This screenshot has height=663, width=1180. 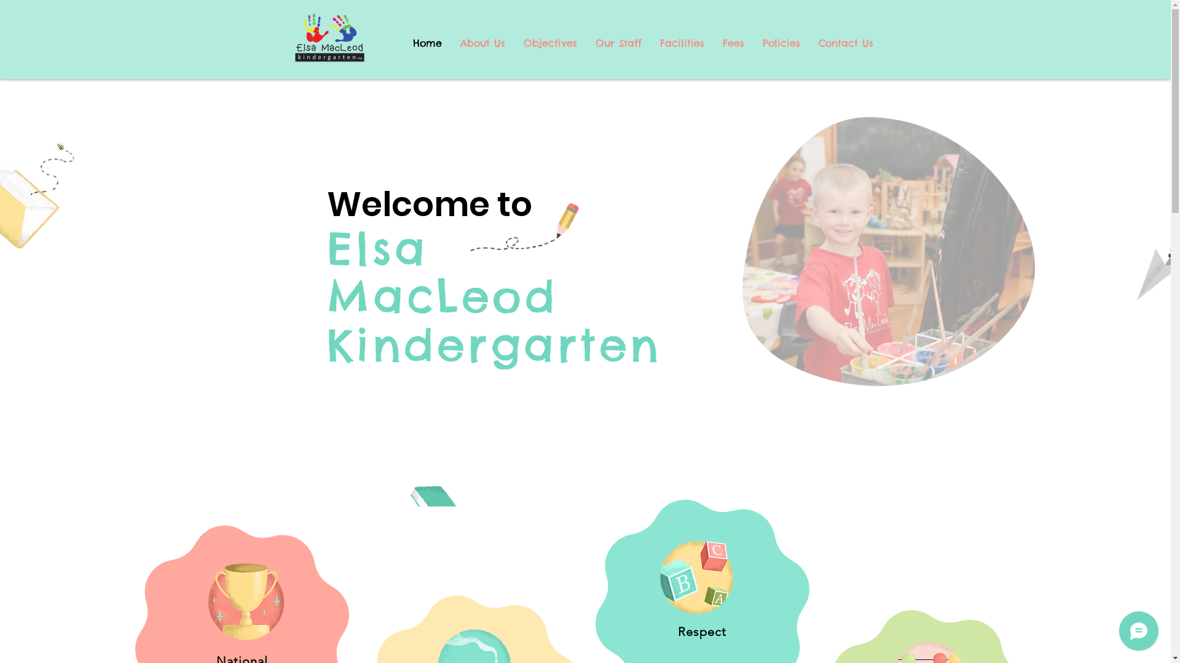 I want to click on 'Contact Us', so click(x=844, y=42).